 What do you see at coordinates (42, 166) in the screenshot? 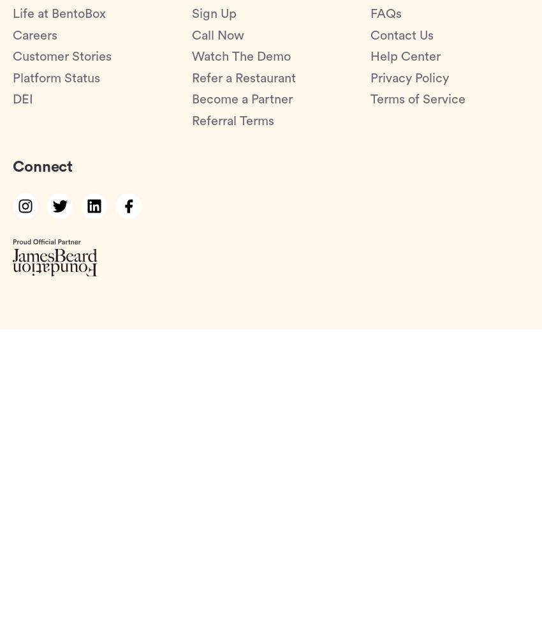
I see `'Connect'` at bounding box center [42, 166].